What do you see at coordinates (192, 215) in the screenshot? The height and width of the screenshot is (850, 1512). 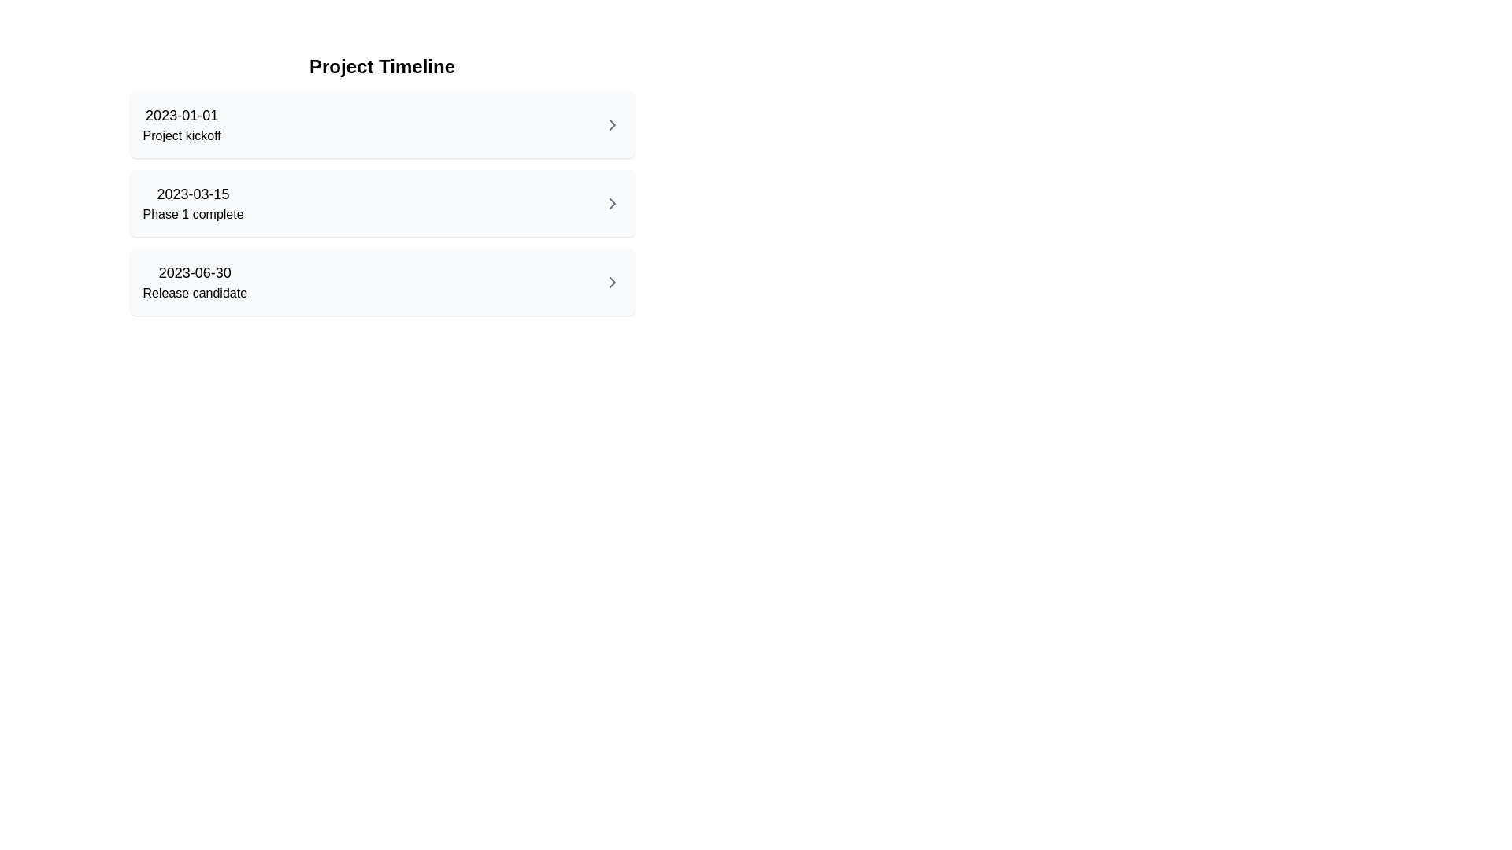 I see `'Phase 1 completed' text label located in the second entry of the vertical timeline, positioned below the date '2023-03-15'` at bounding box center [192, 215].